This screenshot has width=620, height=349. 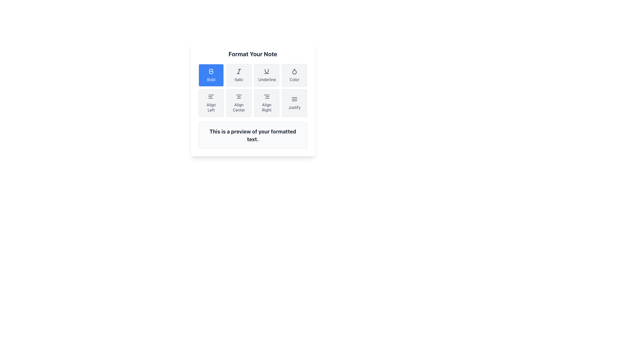 What do you see at coordinates (266, 97) in the screenshot?
I see `the 'Align Right' icon` at bounding box center [266, 97].